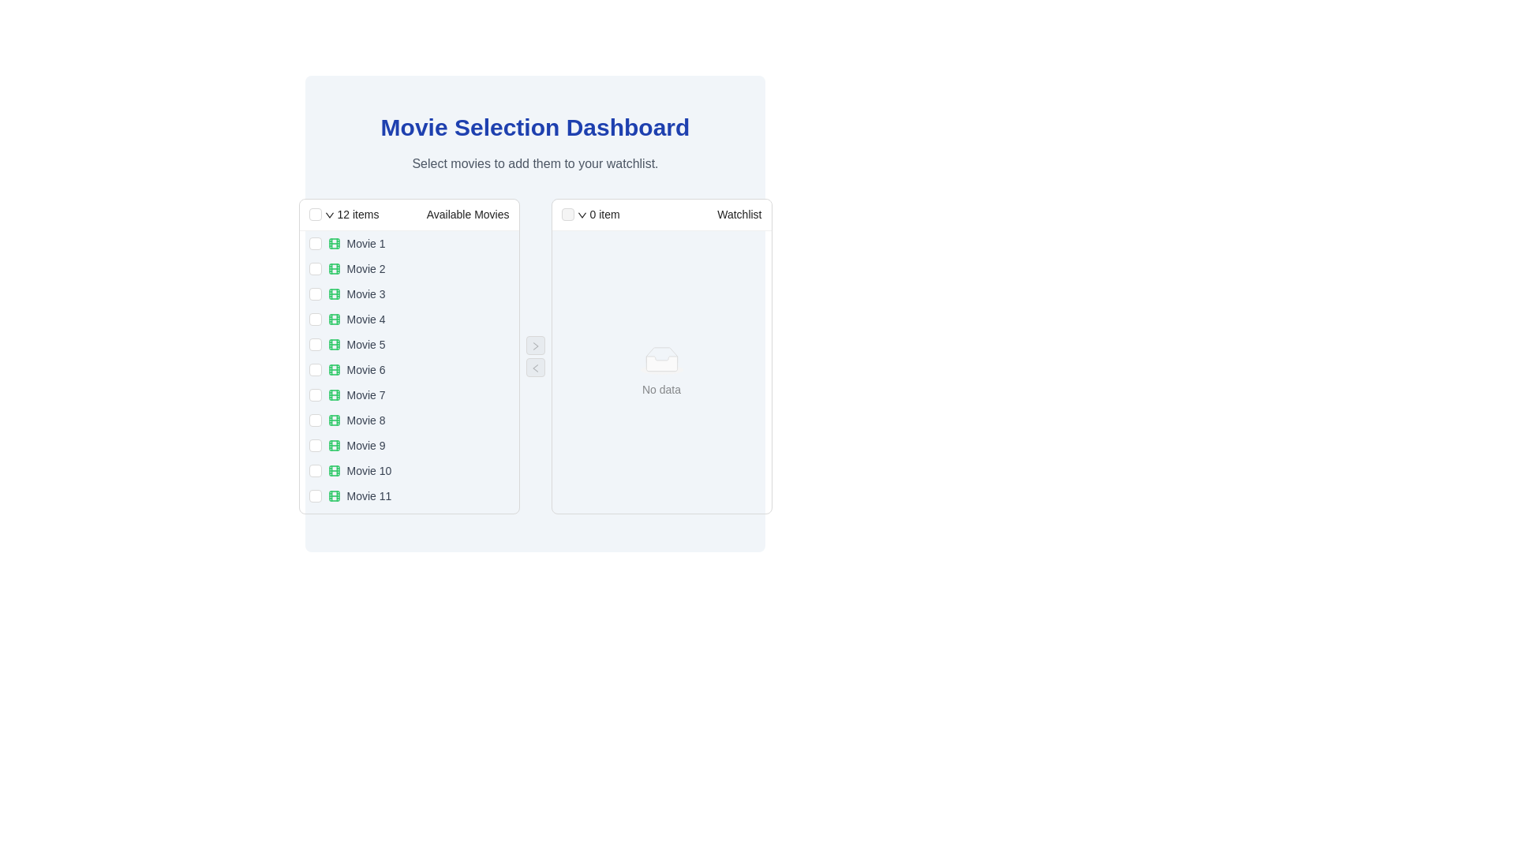 Image resolution: width=1515 pixels, height=852 pixels. Describe the element at coordinates (333, 319) in the screenshot. I see `the green filmstrip icon with a red circular area, which is part of the 'Movie 4' row in the 'Available Movies' list` at that location.